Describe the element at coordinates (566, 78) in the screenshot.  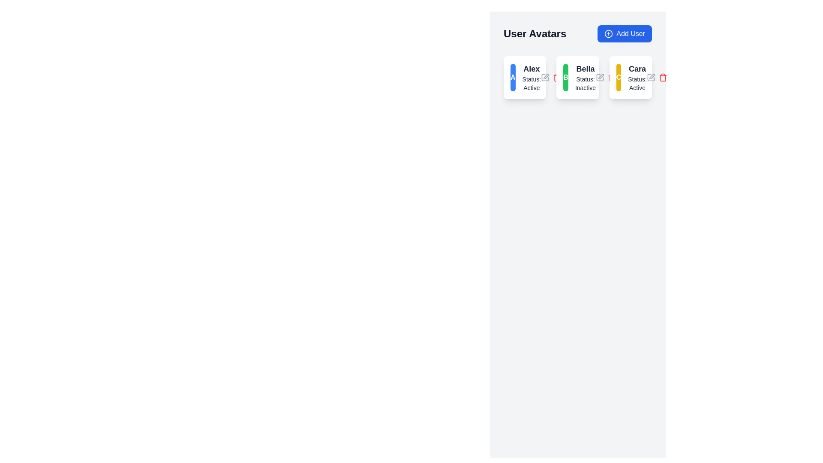
I see `the small circular badge with a green background and the white letter 'B' centered within it, which is part of the profile card labeled 'Bella'` at that location.